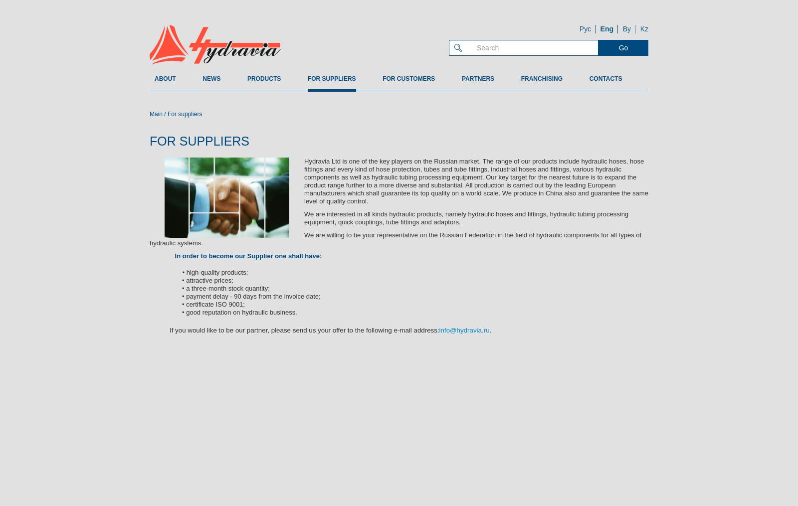  I want to click on 'About', so click(165, 78).